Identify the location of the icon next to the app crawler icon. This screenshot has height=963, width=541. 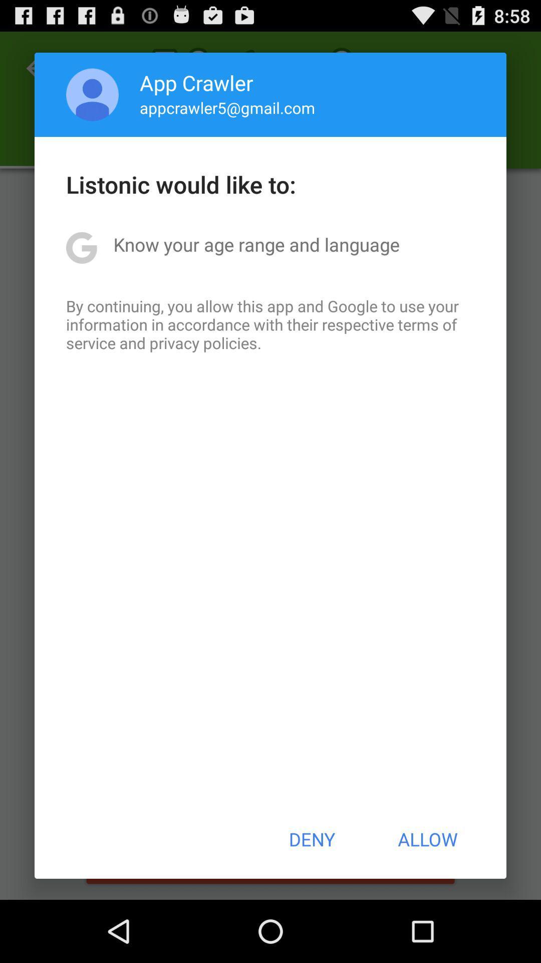
(92, 94).